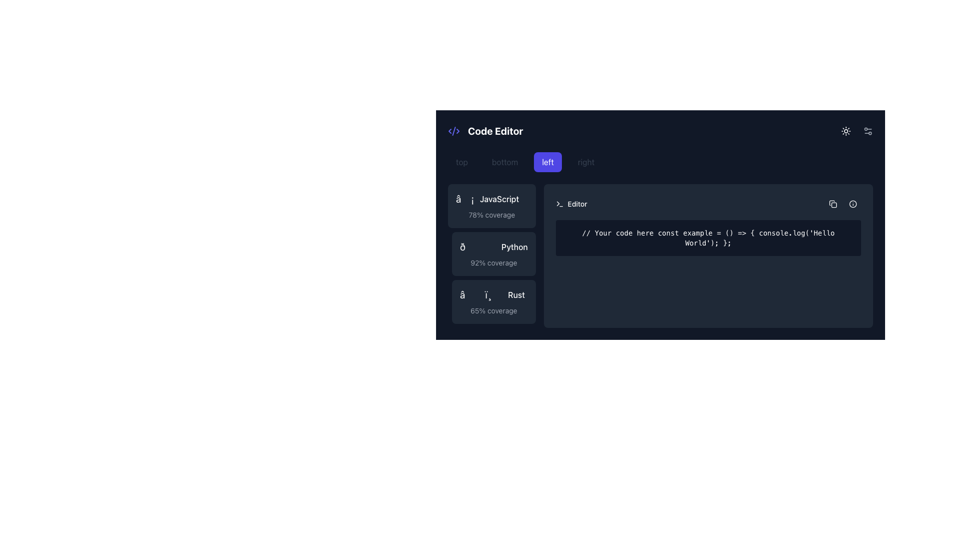  I want to click on the compact indigo code bracket icon located at the top-left corner of the Code Editor section, so click(453, 130).